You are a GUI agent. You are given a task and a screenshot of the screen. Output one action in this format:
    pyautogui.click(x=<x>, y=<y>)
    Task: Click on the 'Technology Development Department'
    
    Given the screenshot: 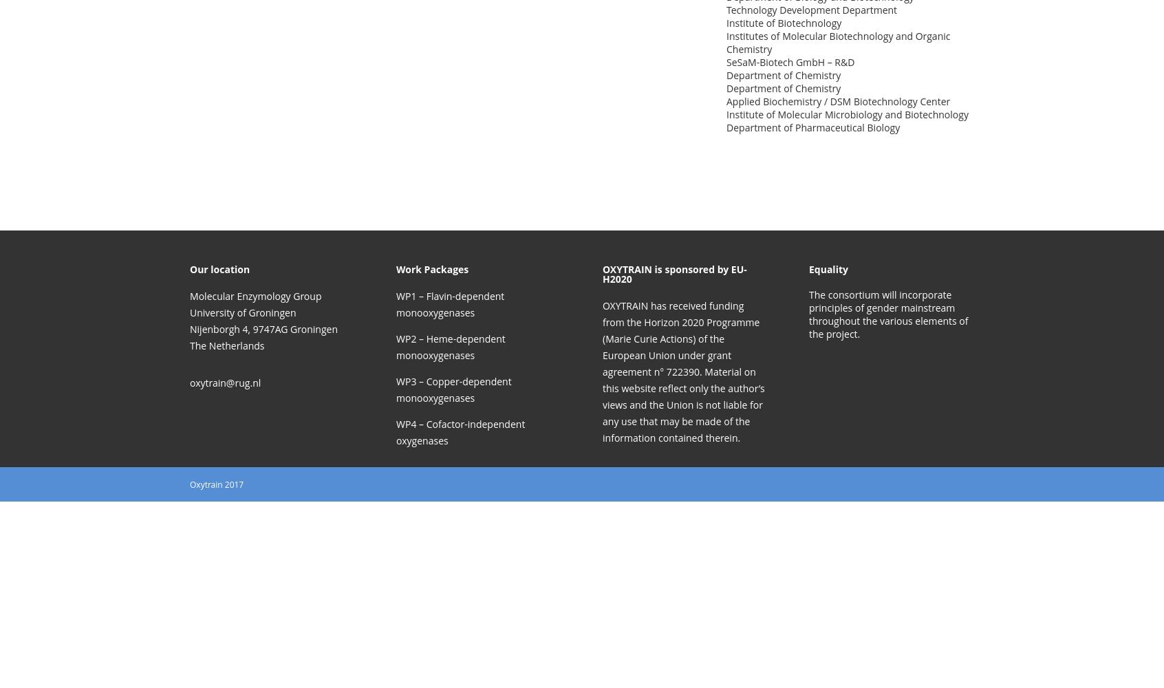 What is the action you would take?
    pyautogui.click(x=811, y=10)
    